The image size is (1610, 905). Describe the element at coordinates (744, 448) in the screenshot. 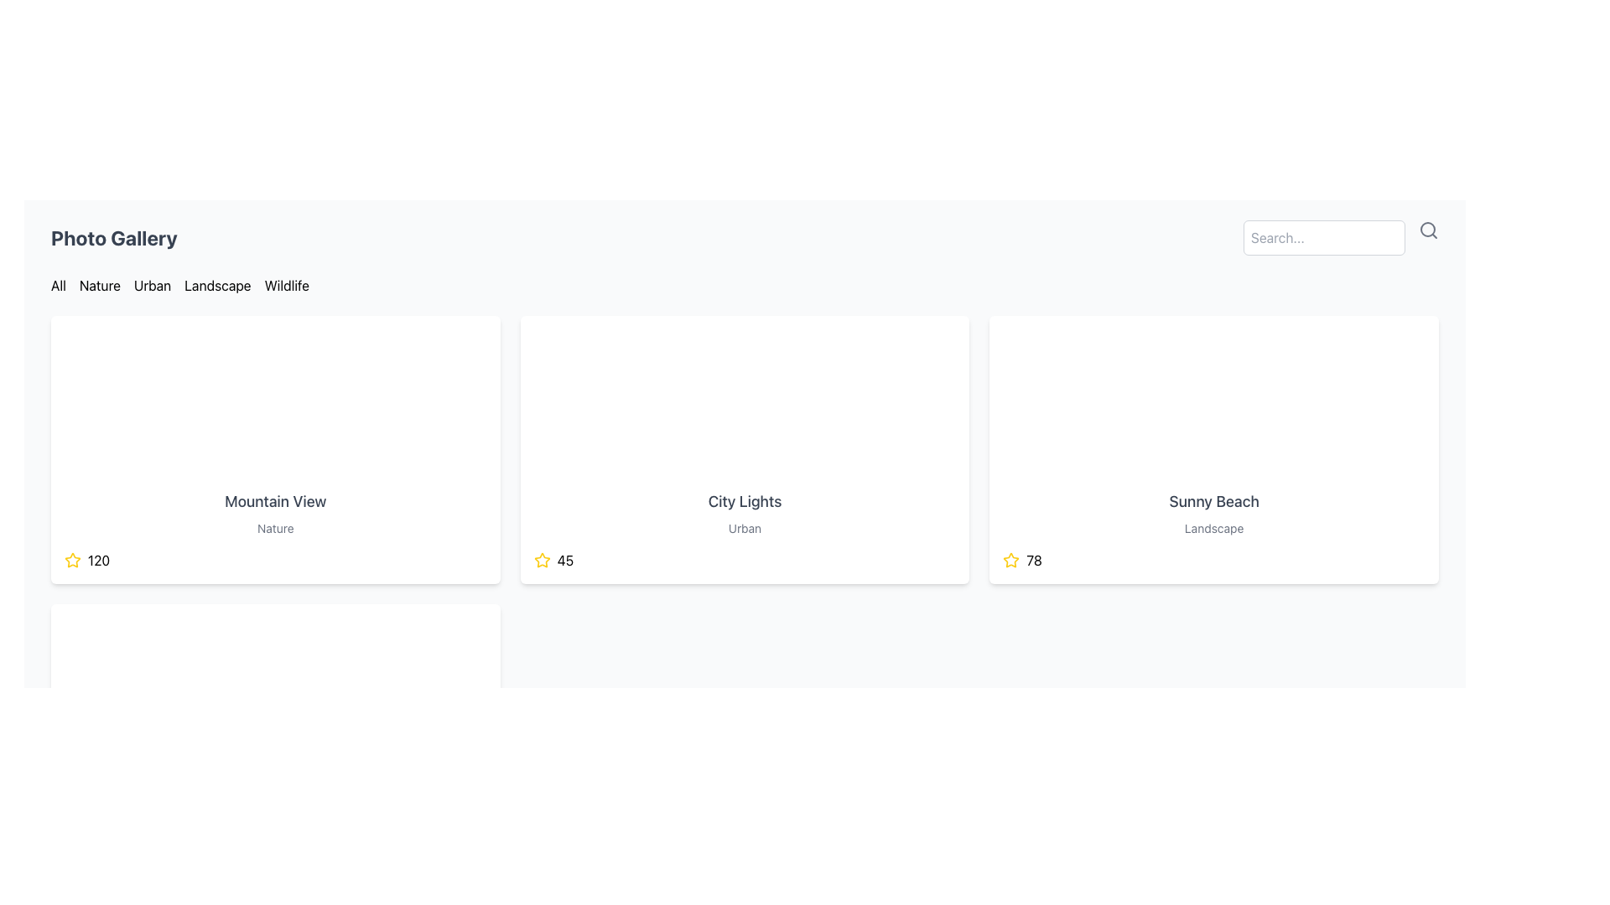

I see `the 'City Lights' card in the photo gallery interface, which is the second card in a row of three cards, displaying an urban theme and a count of '45'` at that location.